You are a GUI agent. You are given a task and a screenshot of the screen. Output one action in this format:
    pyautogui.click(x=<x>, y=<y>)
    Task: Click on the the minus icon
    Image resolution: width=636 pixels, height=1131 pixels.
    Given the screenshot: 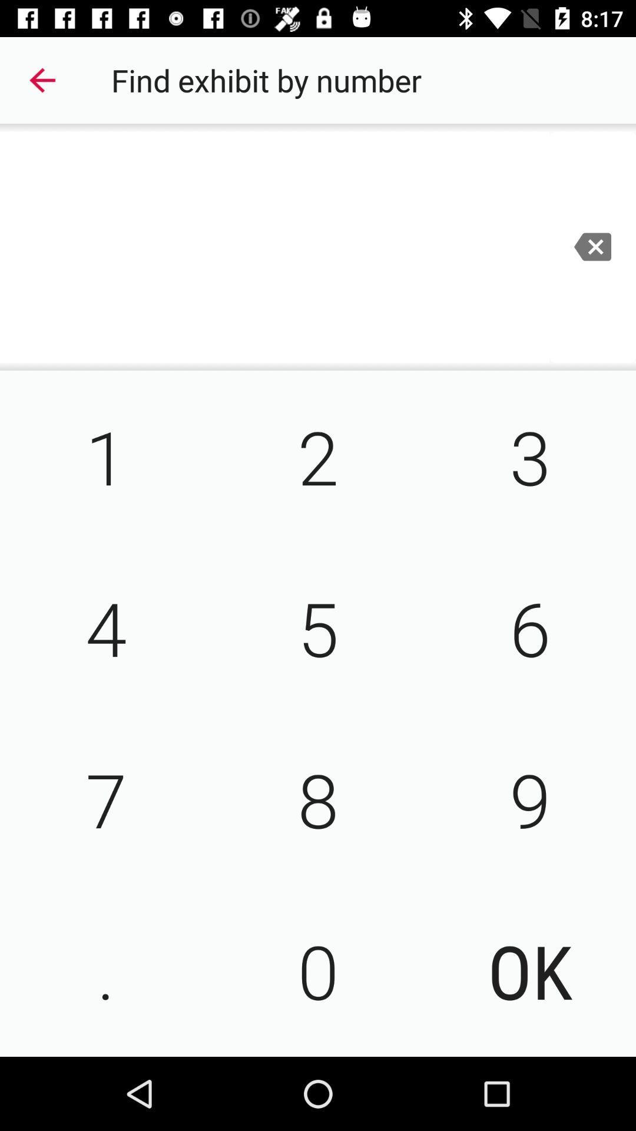 What is the action you would take?
    pyautogui.click(x=592, y=246)
    